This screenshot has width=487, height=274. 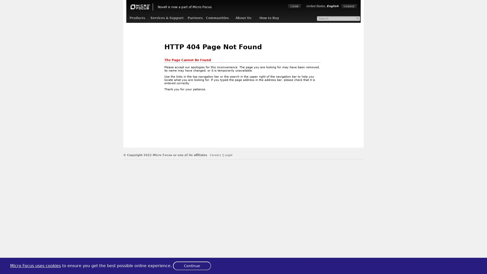 What do you see at coordinates (192, 266) in the screenshot?
I see `Continue` at bounding box center [192, 266].